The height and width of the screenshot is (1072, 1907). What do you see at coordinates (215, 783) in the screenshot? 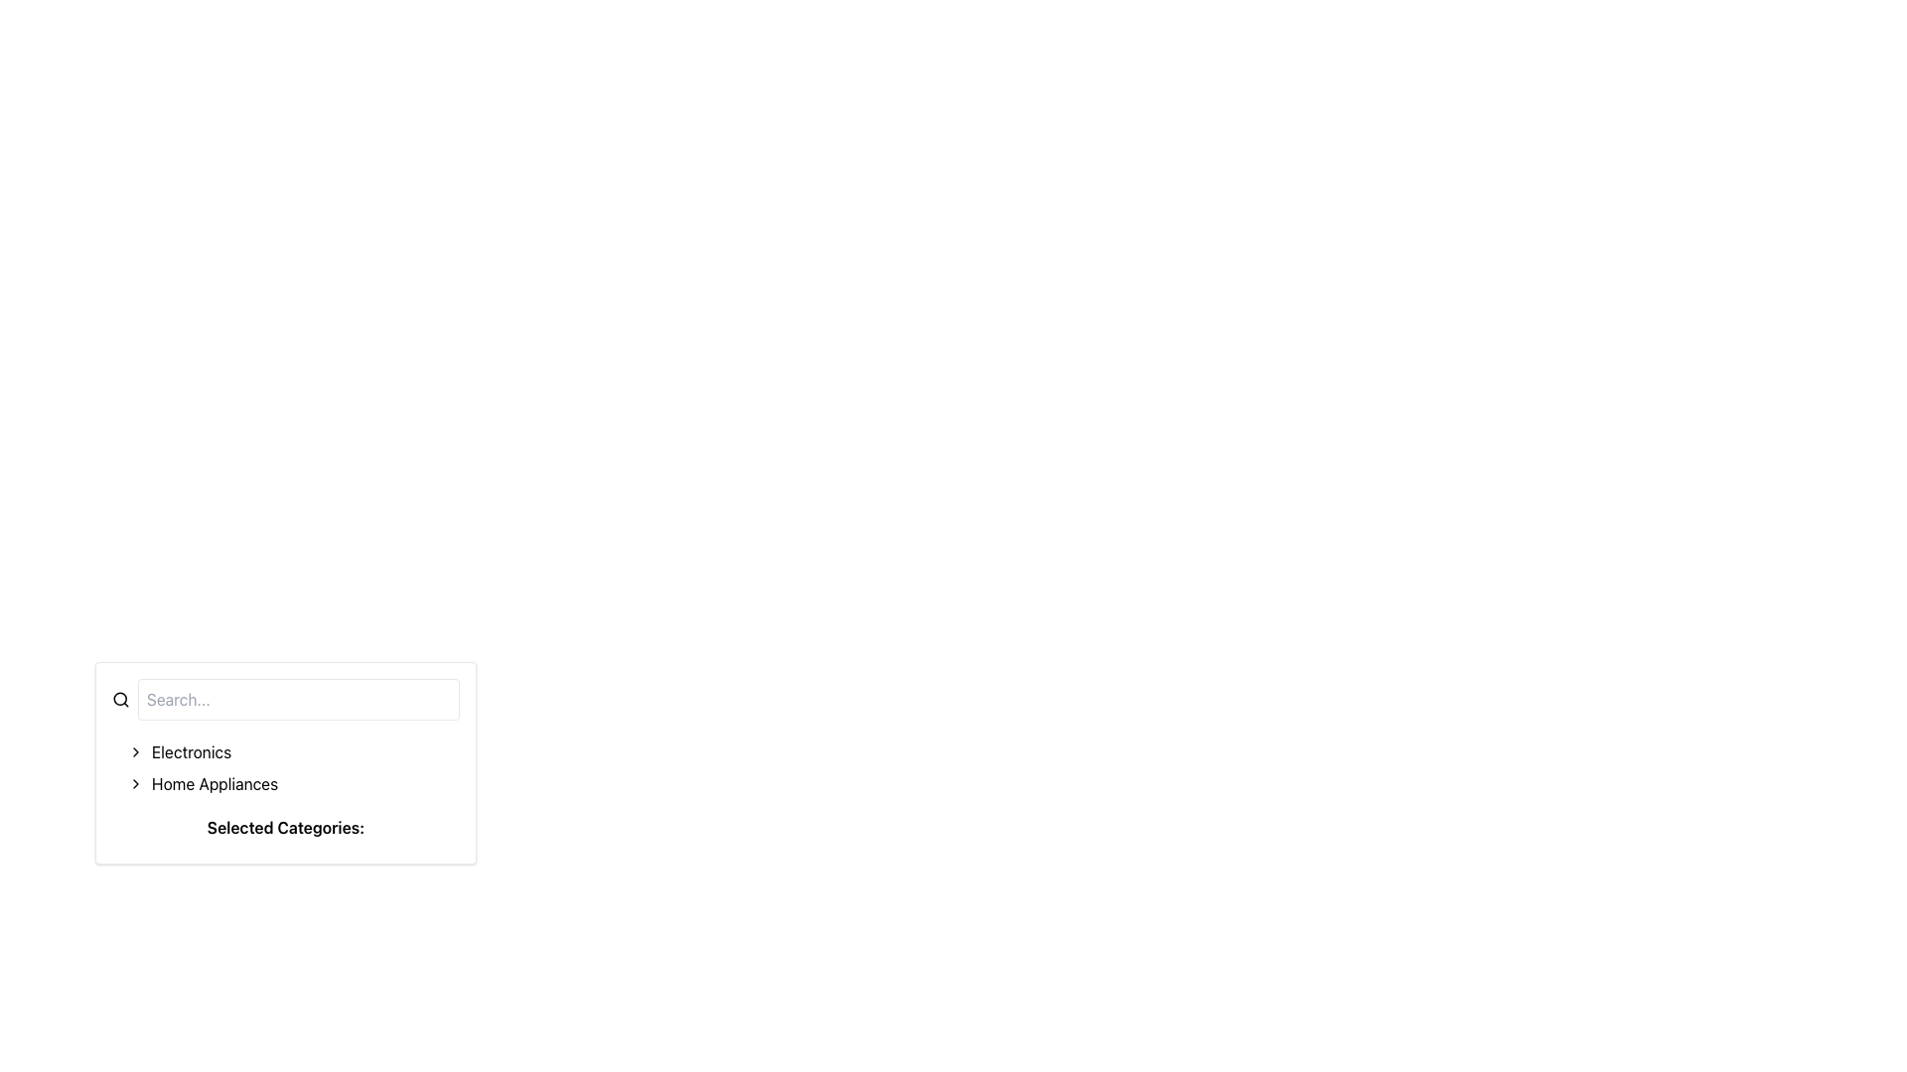
I see `the 'Home Appliances' category text label in the navigation menu under 'Electronics'` at bounding box center [215, 783].